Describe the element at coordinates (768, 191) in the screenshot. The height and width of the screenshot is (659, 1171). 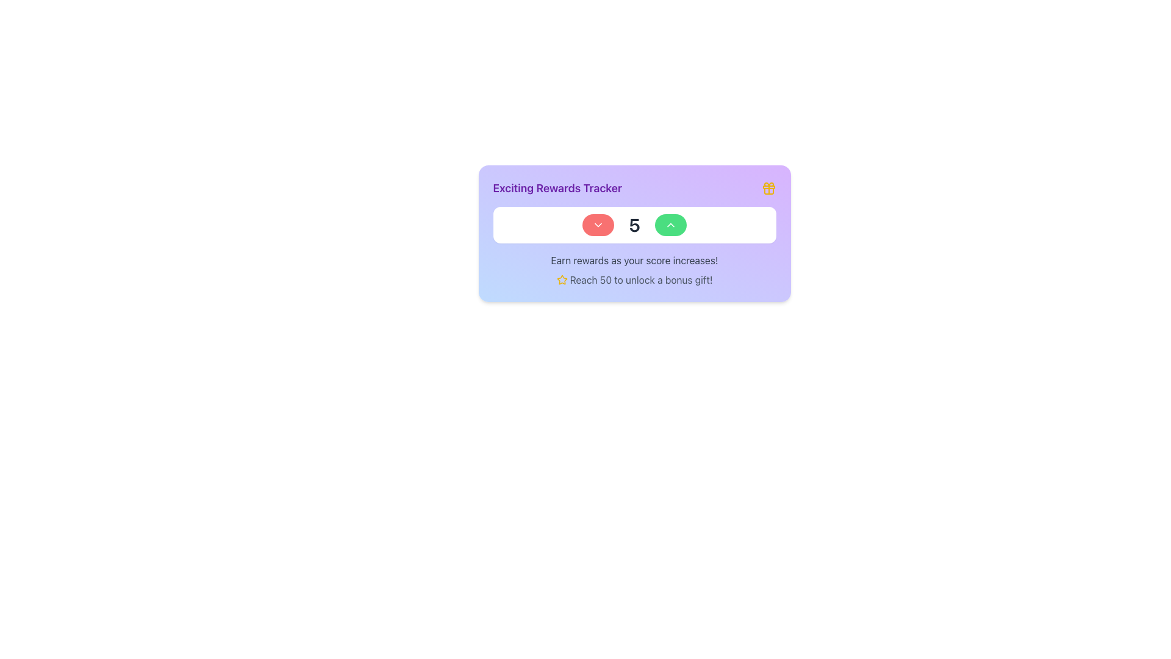
I see `the bottom graphical segment of the gift box icon, which is part of an SVG graphic indicating a reward or bonus feature in the interface` at that location.